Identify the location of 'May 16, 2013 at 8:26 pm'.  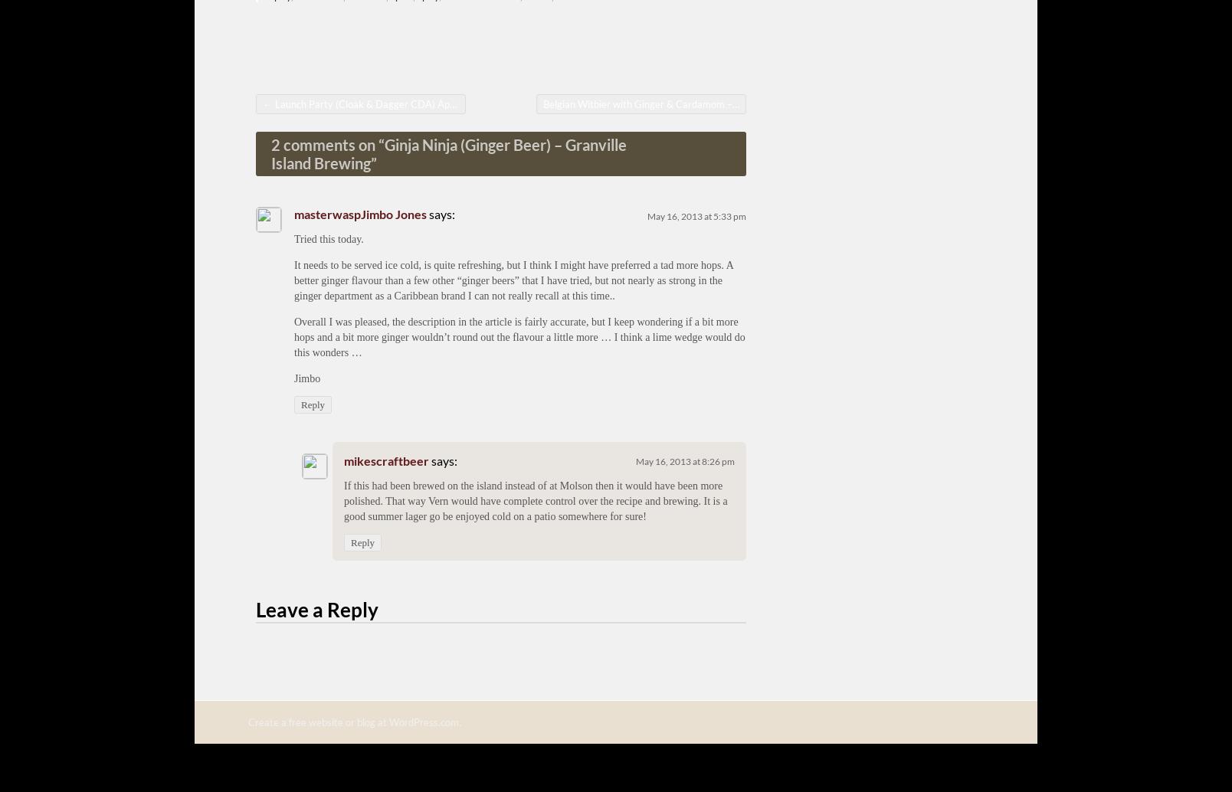
(685, 460).